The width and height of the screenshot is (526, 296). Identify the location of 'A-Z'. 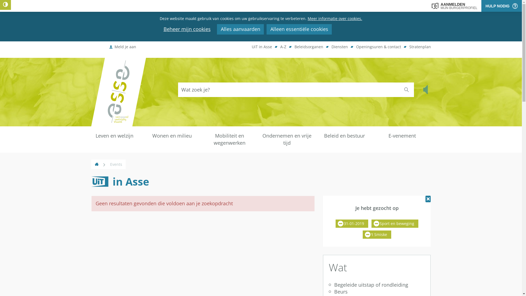
(280, 47).